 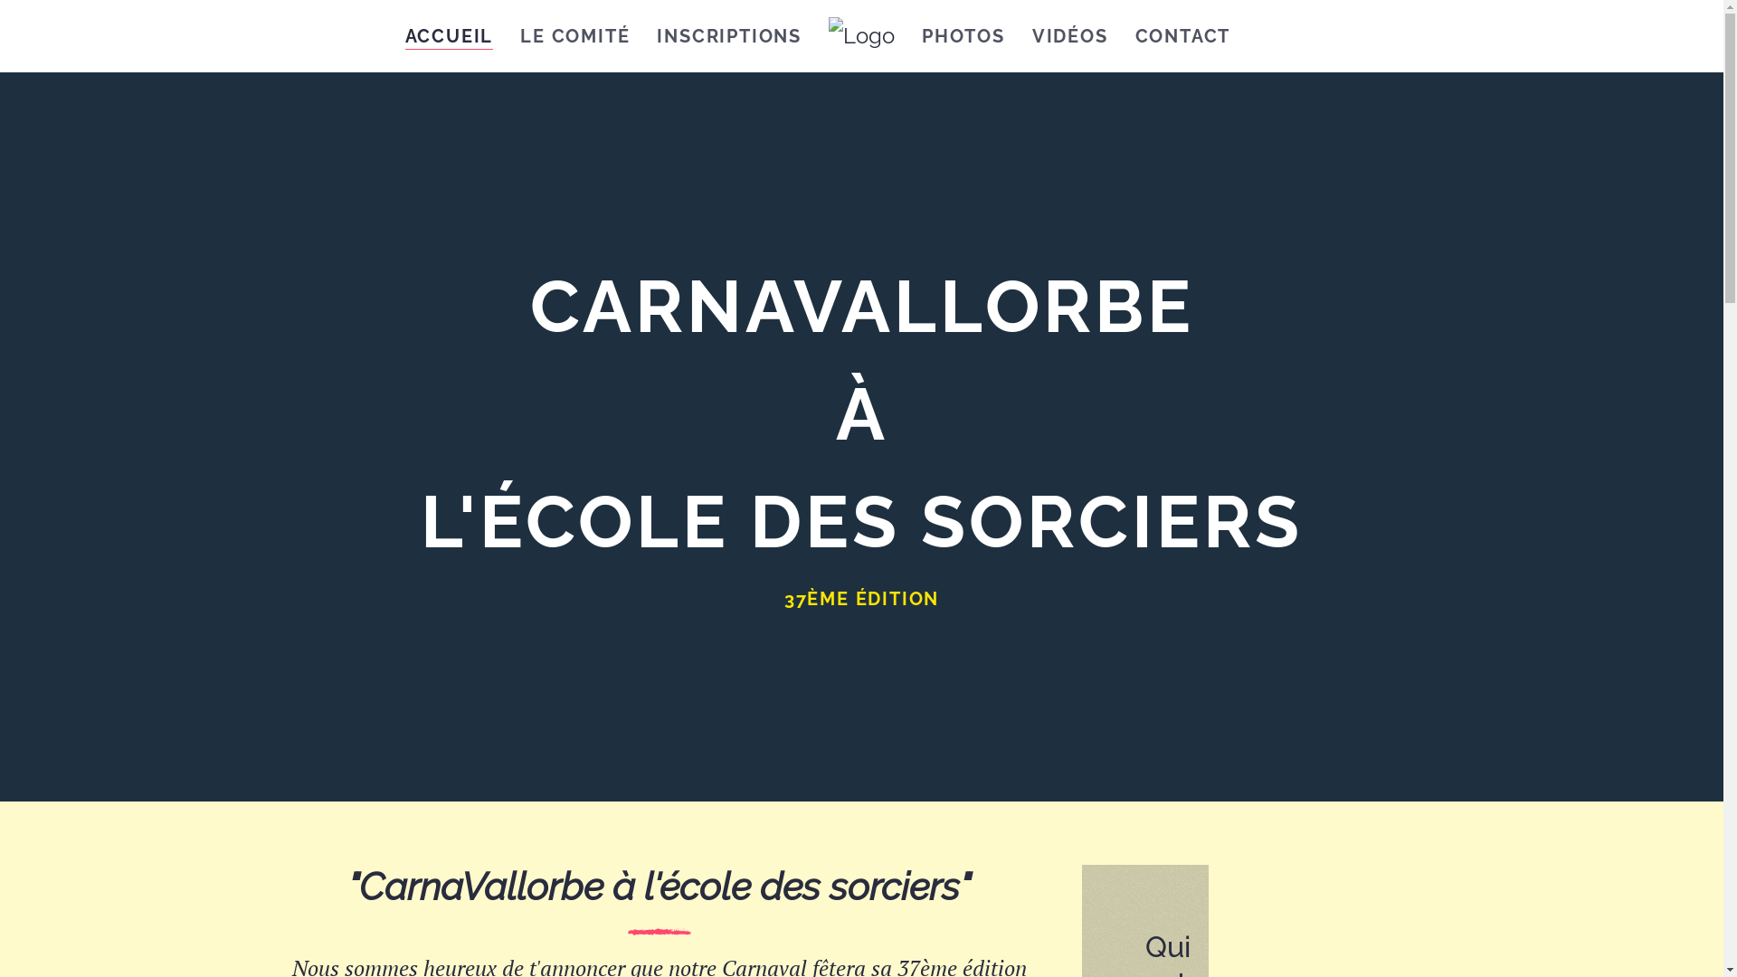 I want to click on 'INSCRIPTIONS', so click(x=729, y=35).